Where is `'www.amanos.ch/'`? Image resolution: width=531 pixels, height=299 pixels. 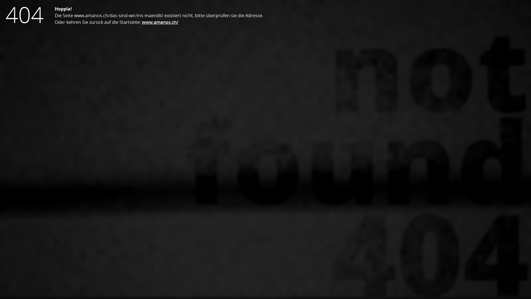
'www.amanos.ch/' is located at coordinates (160, 22).